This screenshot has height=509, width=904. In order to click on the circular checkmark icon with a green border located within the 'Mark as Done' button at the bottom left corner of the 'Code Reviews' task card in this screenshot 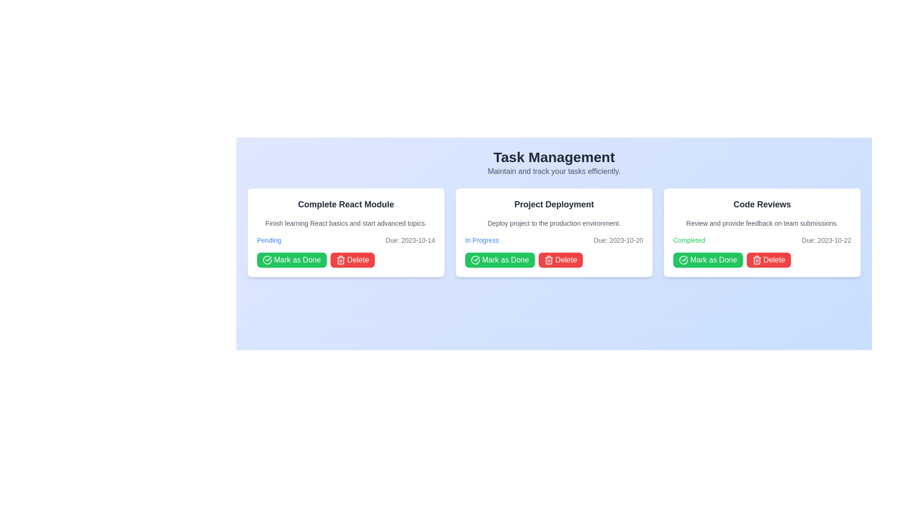, I will do `click(683, 260)`.